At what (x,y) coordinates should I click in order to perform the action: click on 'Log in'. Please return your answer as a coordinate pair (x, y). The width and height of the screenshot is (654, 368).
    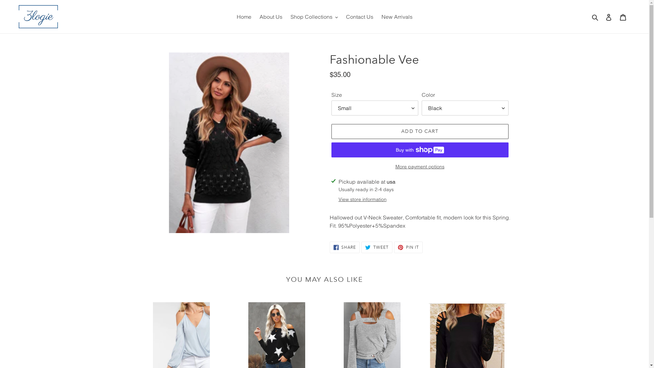
    Looking at the image, I should click on (608, 16).